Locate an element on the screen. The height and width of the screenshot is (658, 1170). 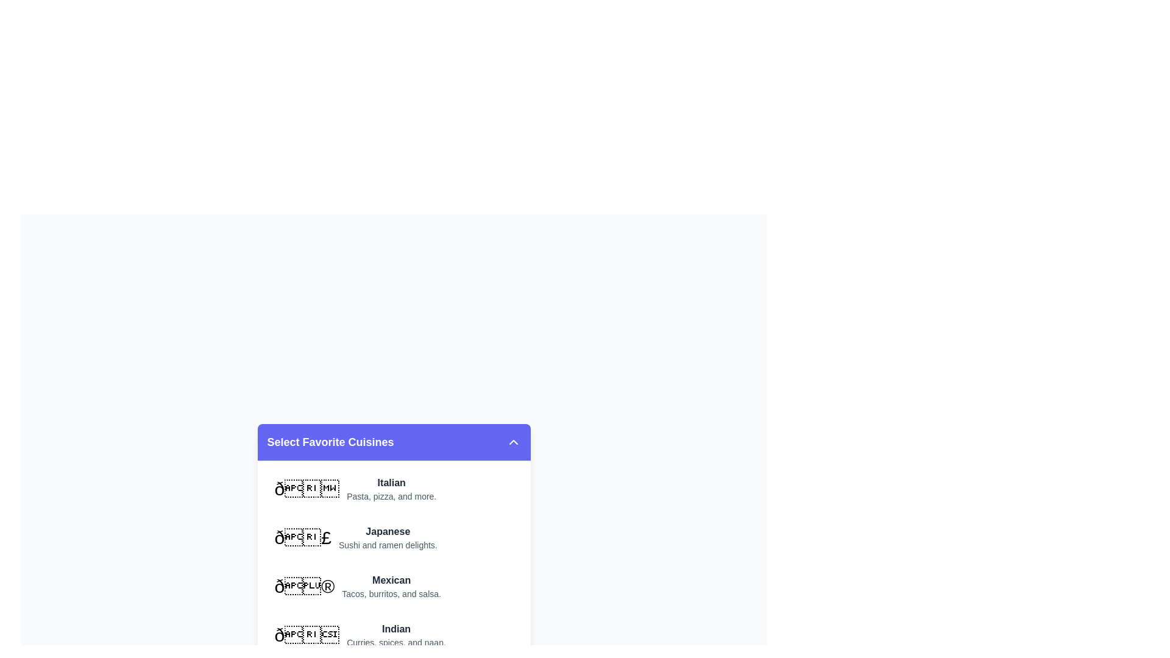
the text label that reads 'Tacos, burritos, and salsa.' which is styled in small gray font and positioned below the bold 'Mexican' label is located at coordinates (391, 593).